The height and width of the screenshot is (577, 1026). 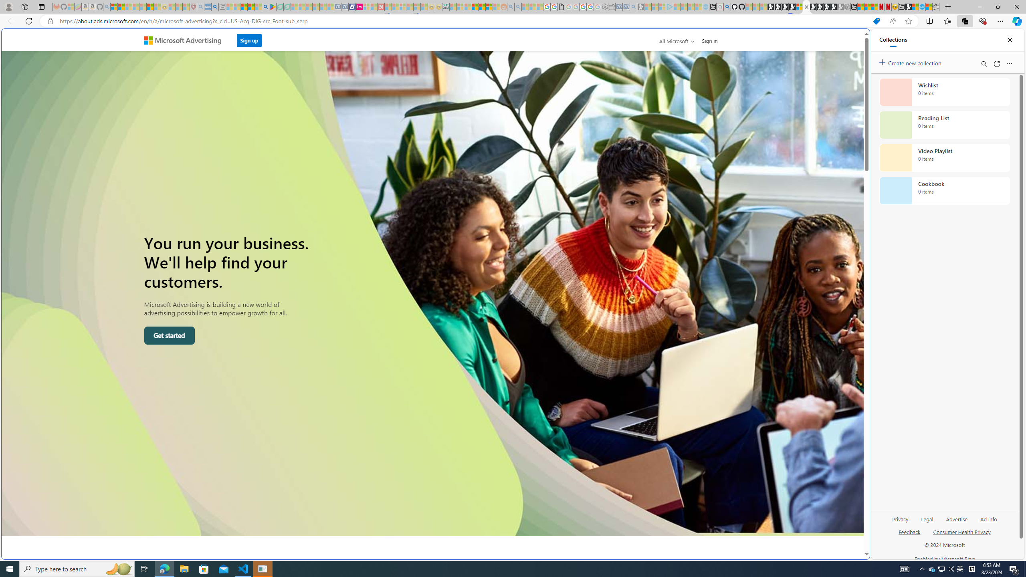 I want to click on 'Bluey: Let', so click(x=273, y=6).